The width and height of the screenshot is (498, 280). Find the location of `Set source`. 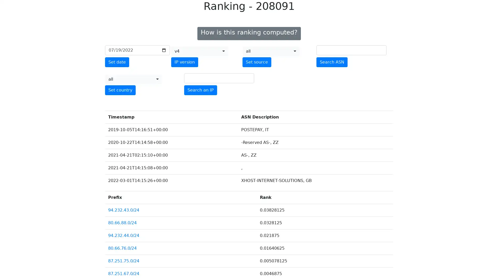

Set source is located at coordinates (257, 62).